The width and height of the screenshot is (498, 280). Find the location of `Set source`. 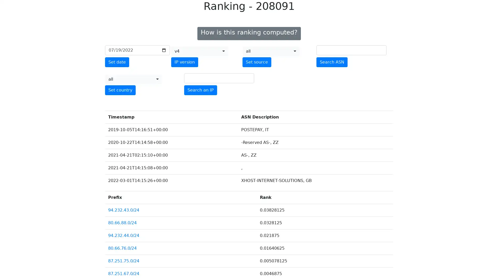

Set source is located at coordinates (257, 62).